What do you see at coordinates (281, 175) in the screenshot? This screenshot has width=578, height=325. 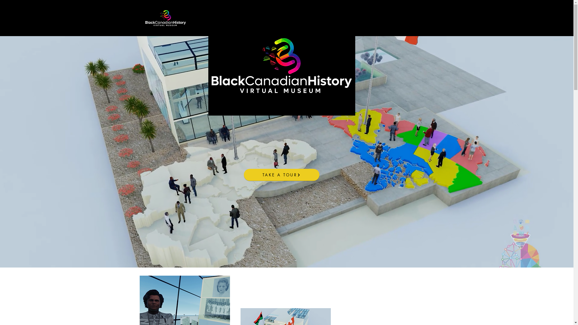 I see `'TAKE A TOUR'` at bounding box center [281, 175].